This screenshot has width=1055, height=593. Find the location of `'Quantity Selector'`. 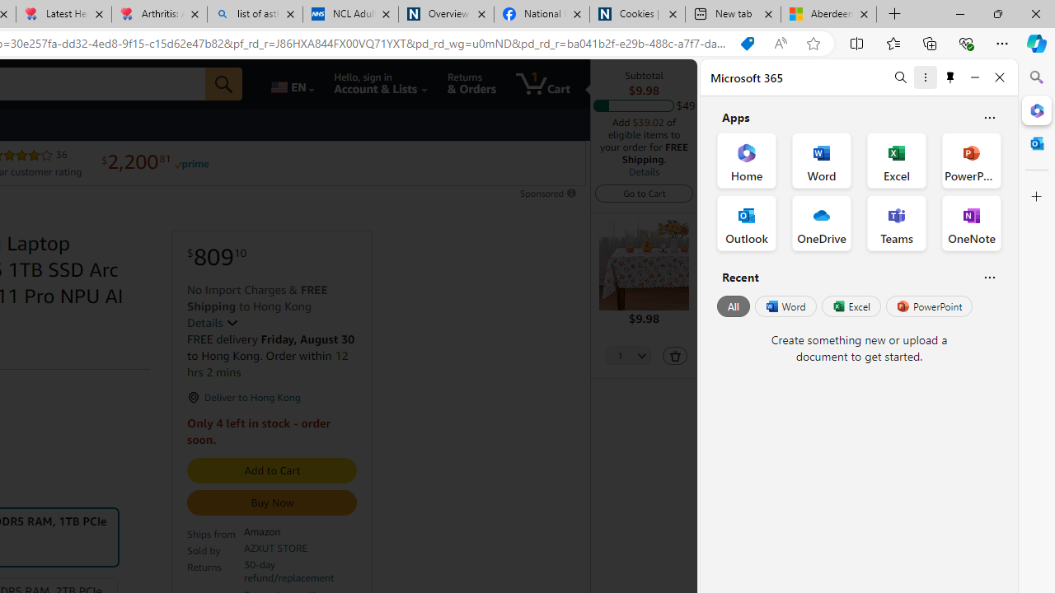

'Quantity Selector' is located at coordinates (627, 356).